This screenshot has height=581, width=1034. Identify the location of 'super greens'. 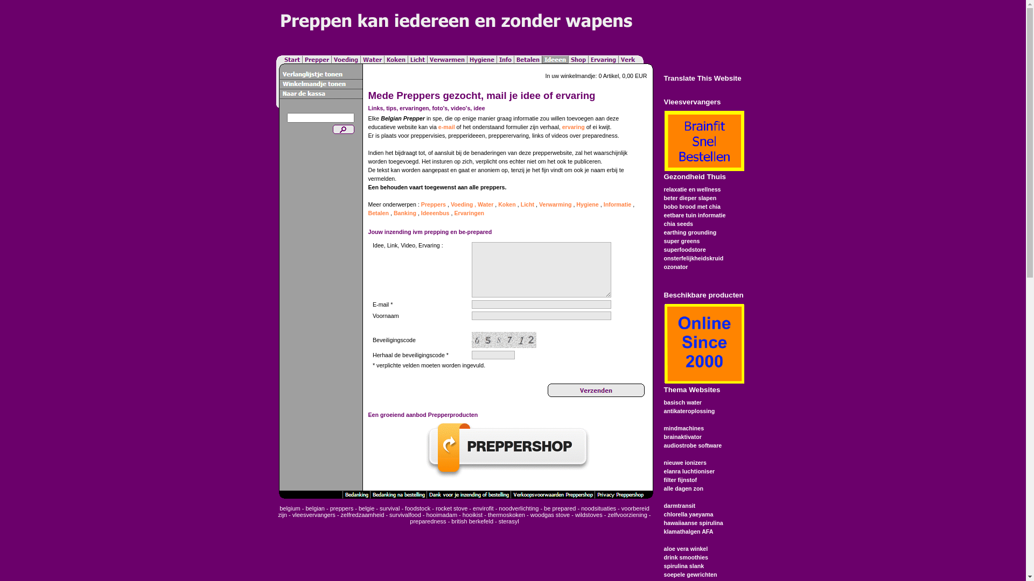
(681, 240).